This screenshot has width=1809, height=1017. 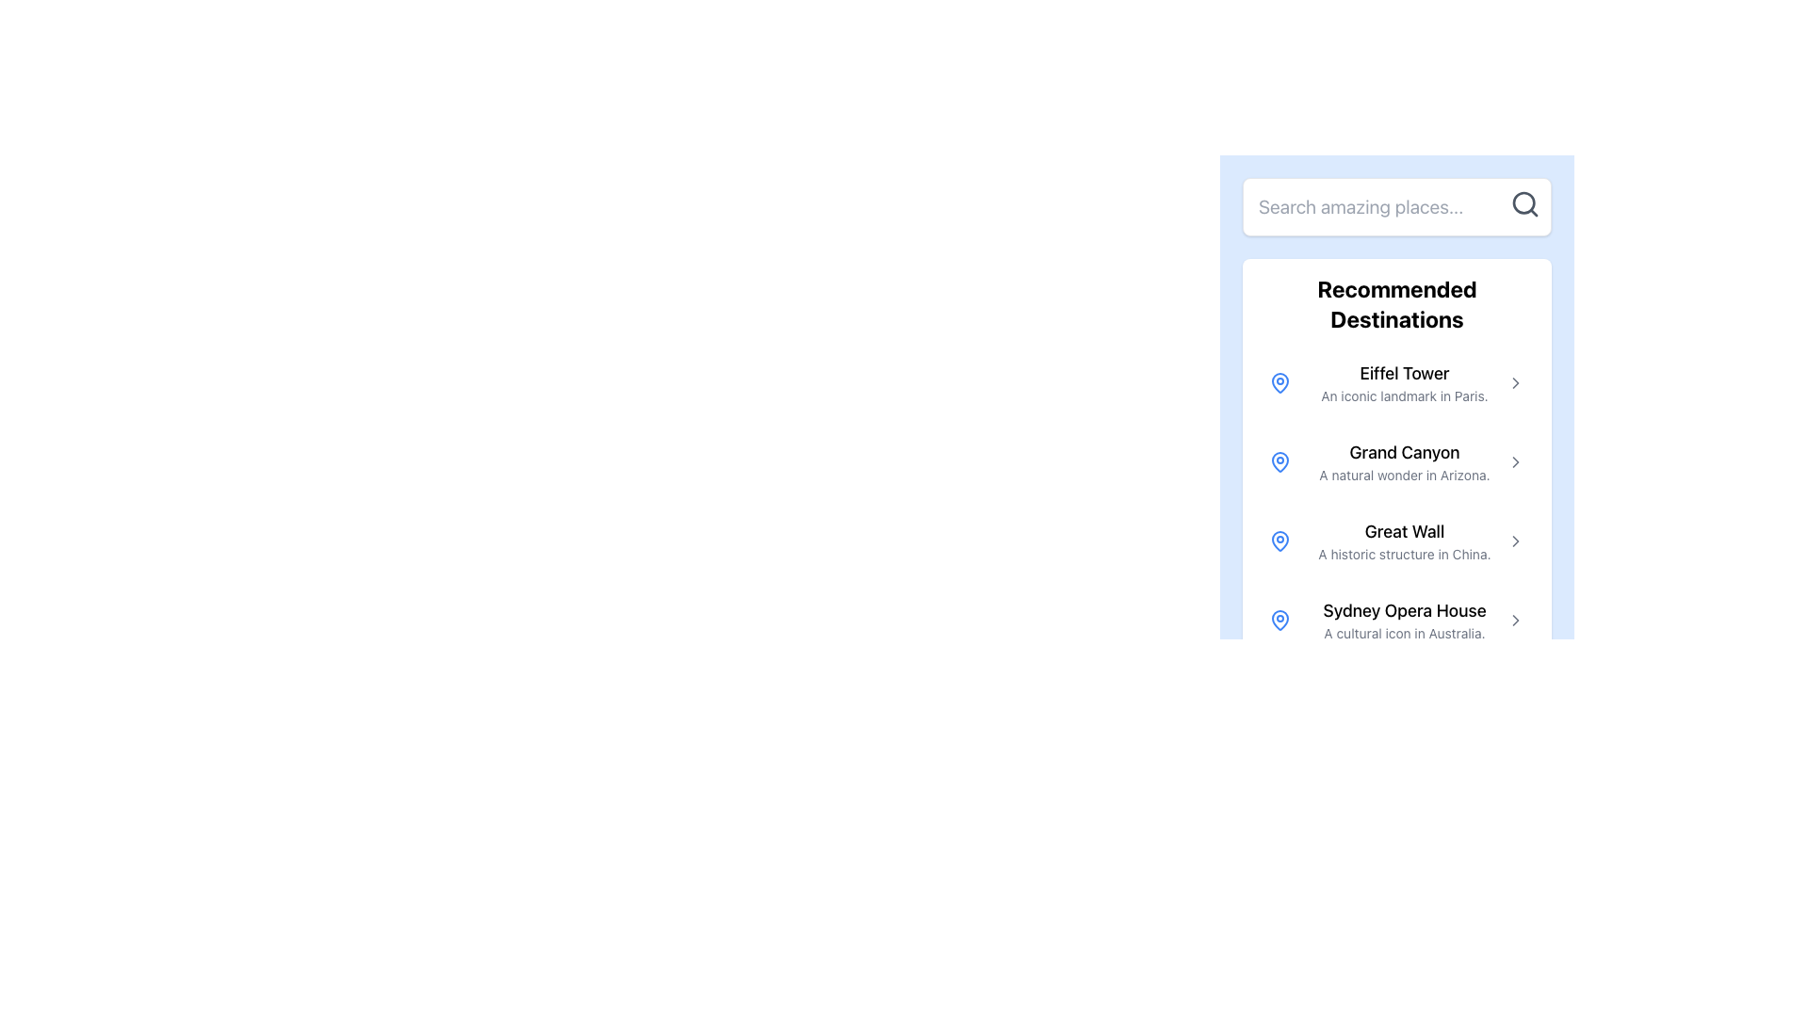 I want to click on the right-pointing chevron icon located to the right of the text 'Grand Canyon A natural wonder in Arizona.' in the 'Recommended Destinations' section, so click(x=1515, y=461).